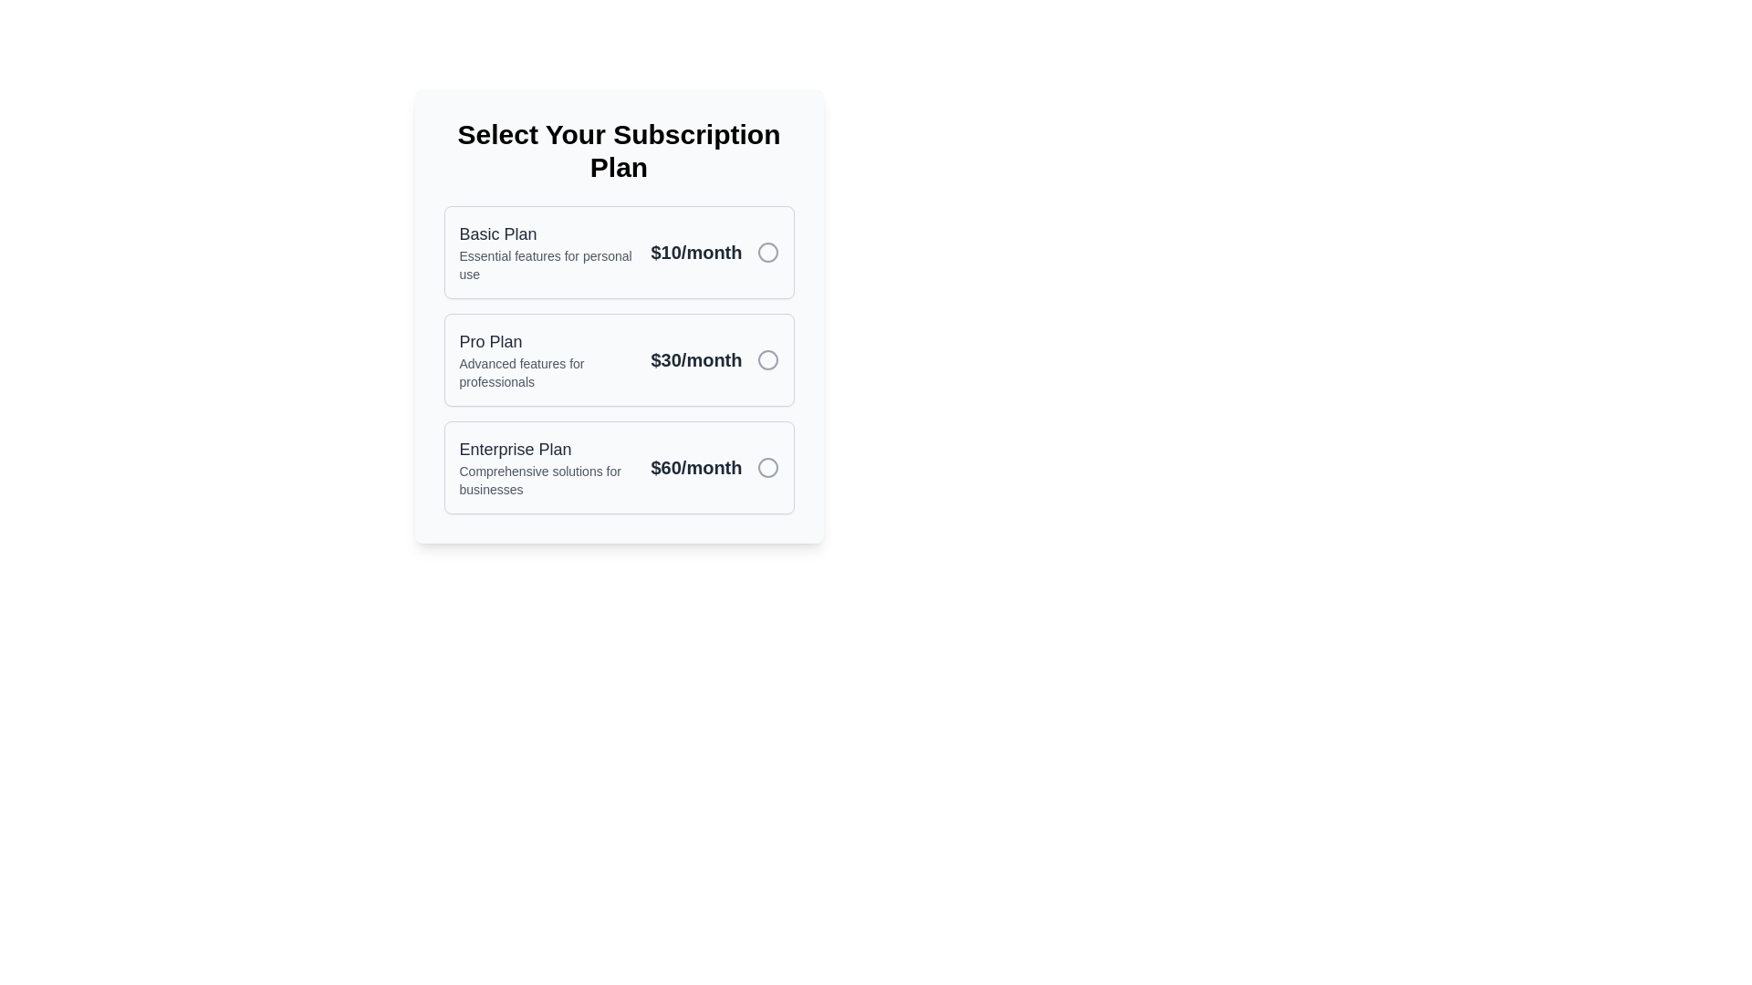 The height and width of the screenshot is (985, 1752). What do you see at coordinates (547, 253) in the screenshot?
I see `text content of the Text Block that displays 'Basic Plan' and its description 'Essential features for personal use', located in the upper-left part of the subscription plans card` at bounding box center [547, 253].